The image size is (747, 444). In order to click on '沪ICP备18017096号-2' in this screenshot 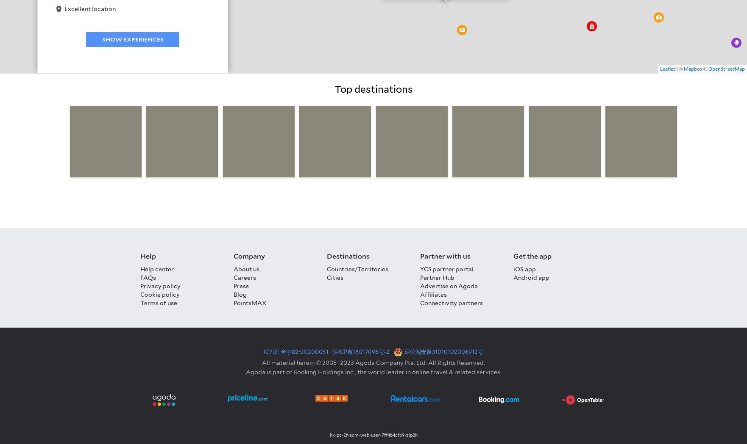, I will do `click(360, 351)`.